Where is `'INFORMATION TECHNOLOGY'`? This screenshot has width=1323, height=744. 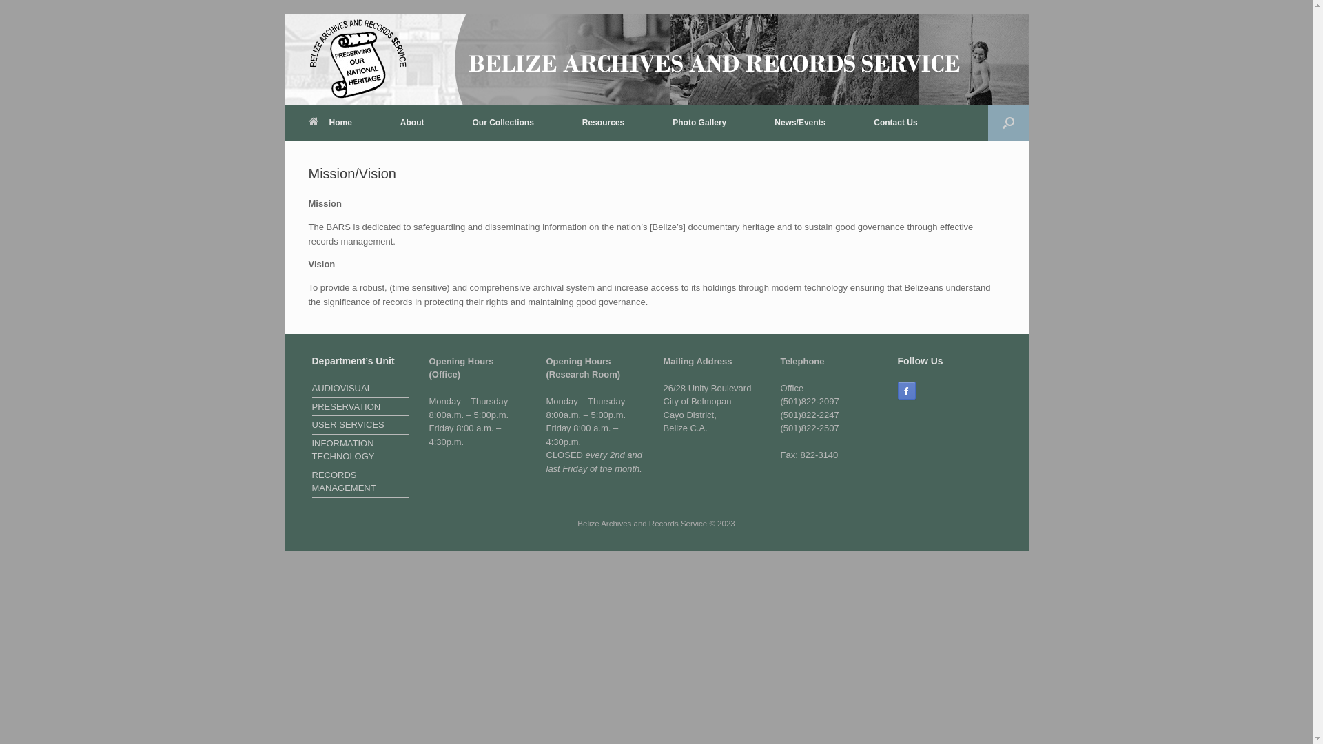
'INFORMATION TECHNOLOGY' is located at coordinates (360, 451).